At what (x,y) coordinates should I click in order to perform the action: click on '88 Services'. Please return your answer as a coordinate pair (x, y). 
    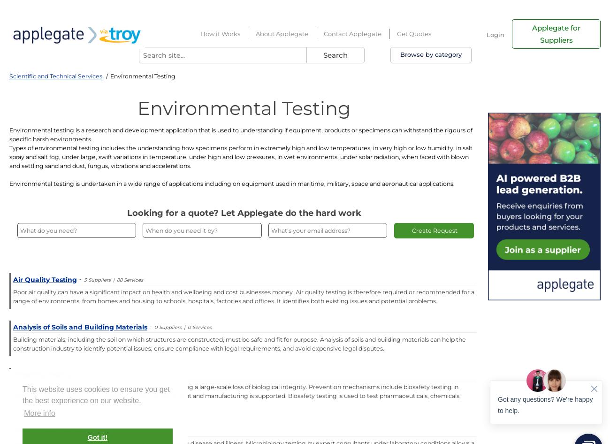
    Looking at the image, I should click on (130, 279).